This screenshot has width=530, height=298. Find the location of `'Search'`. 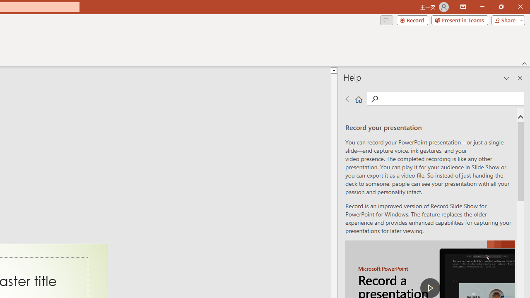

'Search' is located at coordinates (374, 99).